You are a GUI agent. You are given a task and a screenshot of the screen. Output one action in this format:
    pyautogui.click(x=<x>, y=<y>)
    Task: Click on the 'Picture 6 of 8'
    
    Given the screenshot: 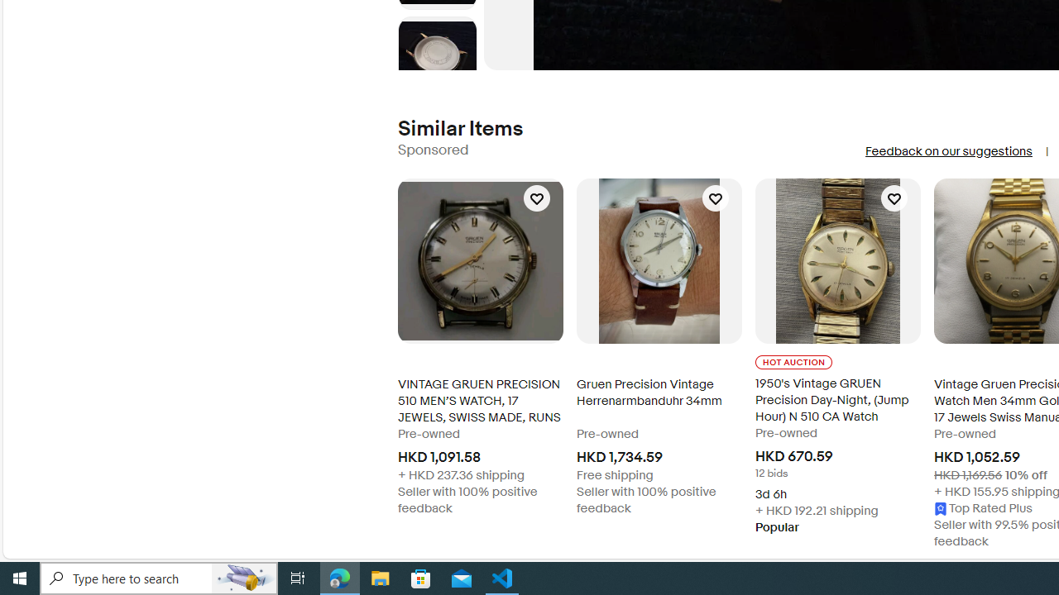 What is the action you would take?
    pyautogui.click(x=437, y=55)
    